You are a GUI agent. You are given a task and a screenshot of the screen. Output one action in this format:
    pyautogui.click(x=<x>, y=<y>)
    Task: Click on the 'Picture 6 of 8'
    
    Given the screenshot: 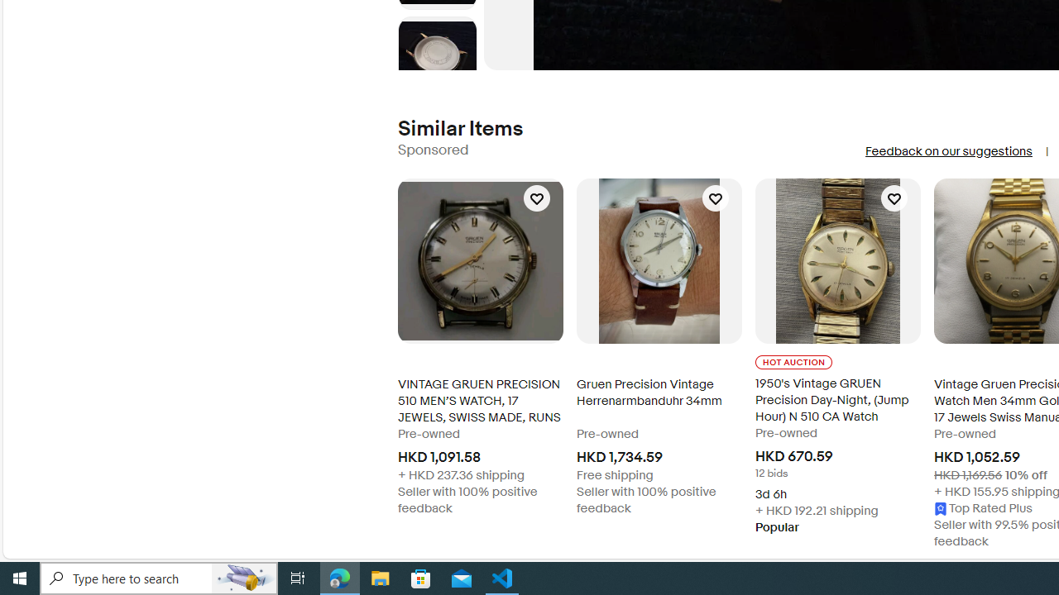 What is the action you would take?
    pyautogui.click(x=437, y=55)
    